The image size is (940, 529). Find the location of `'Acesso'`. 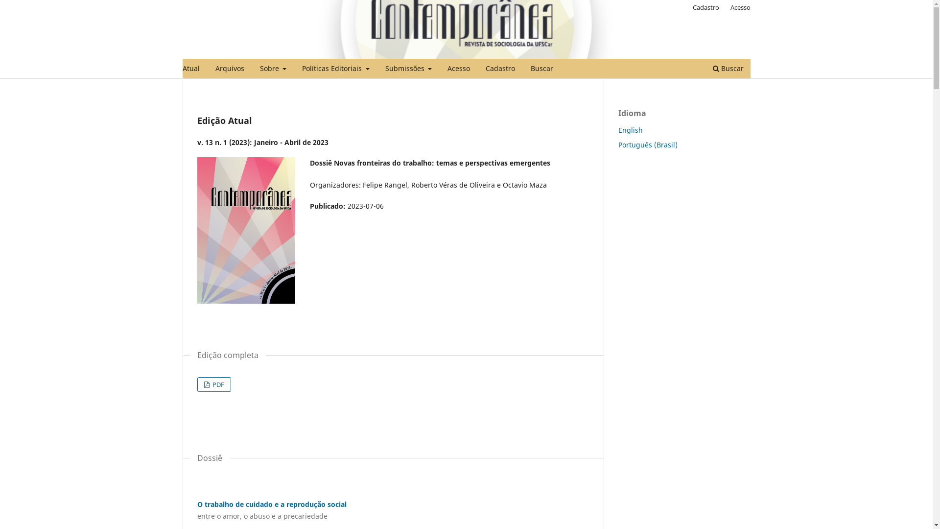

'Acesso' is located at coordinates (726, 7).